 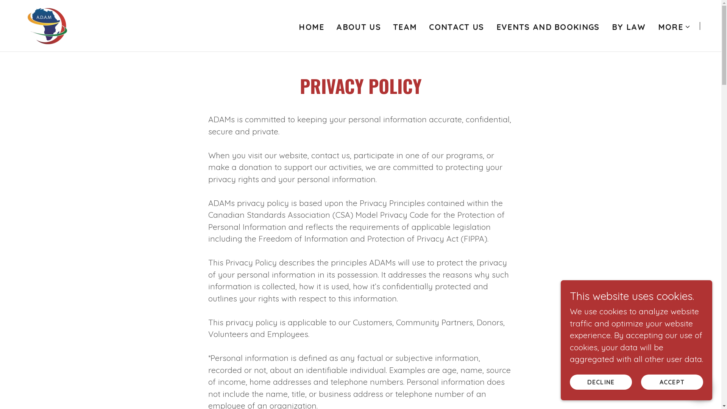 I want to click on 'ABOUT US', so click(x=358, y=26).